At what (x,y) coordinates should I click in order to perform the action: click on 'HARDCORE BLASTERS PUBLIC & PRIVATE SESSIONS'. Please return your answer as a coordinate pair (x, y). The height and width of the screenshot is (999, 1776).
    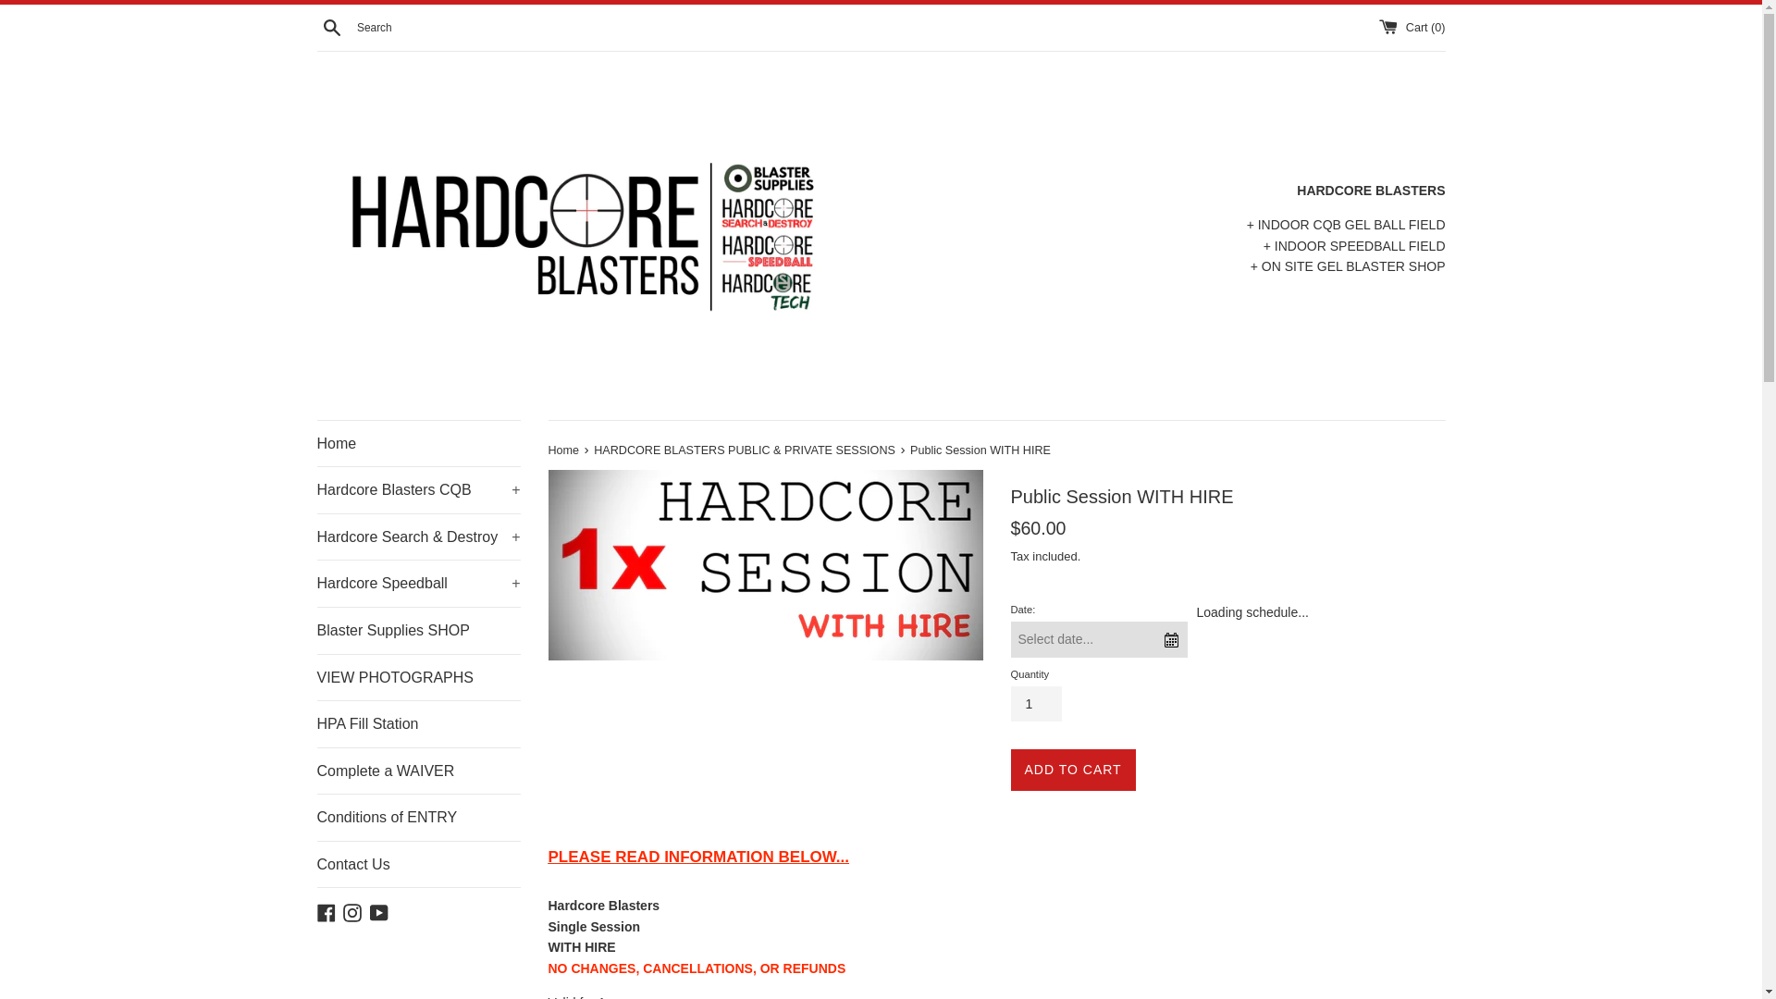
    Looking at the image, I should click on (746, 450).